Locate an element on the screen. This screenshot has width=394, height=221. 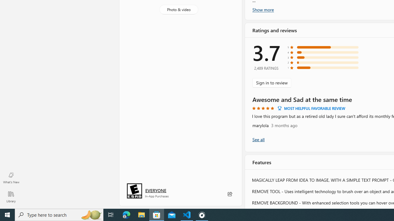
'Show all ratings and reviews' is located at coordinates (258, 139).